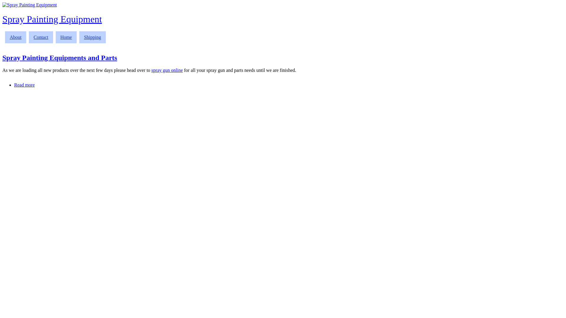  Describe the element at coordinates (60, 58) in the screenshot. I see `'Spray Painting Equipments and Parts'` at that location.